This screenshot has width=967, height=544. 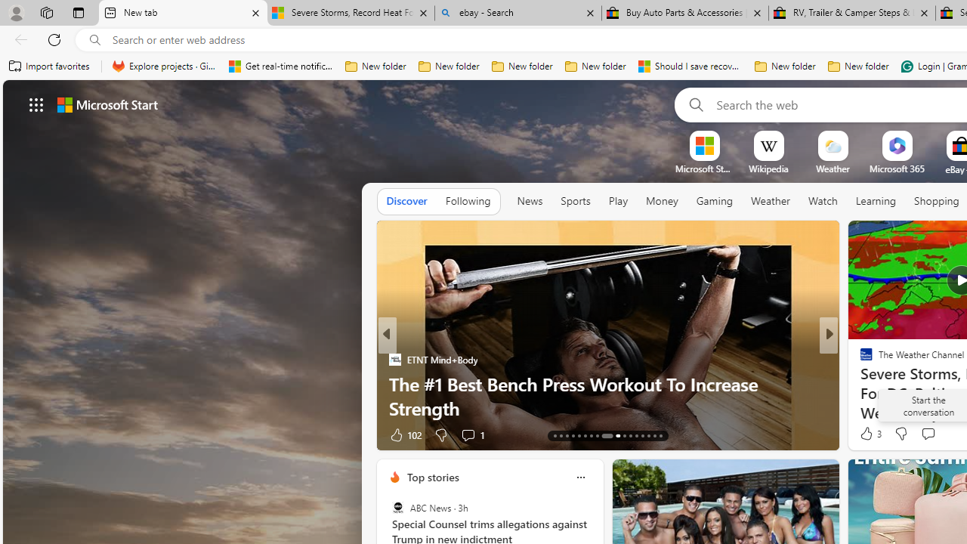 What do you see at coordinates (8, 434) in the screenshot?
I see `'View comments 96 Comment'` at bounding box center [8, 434].